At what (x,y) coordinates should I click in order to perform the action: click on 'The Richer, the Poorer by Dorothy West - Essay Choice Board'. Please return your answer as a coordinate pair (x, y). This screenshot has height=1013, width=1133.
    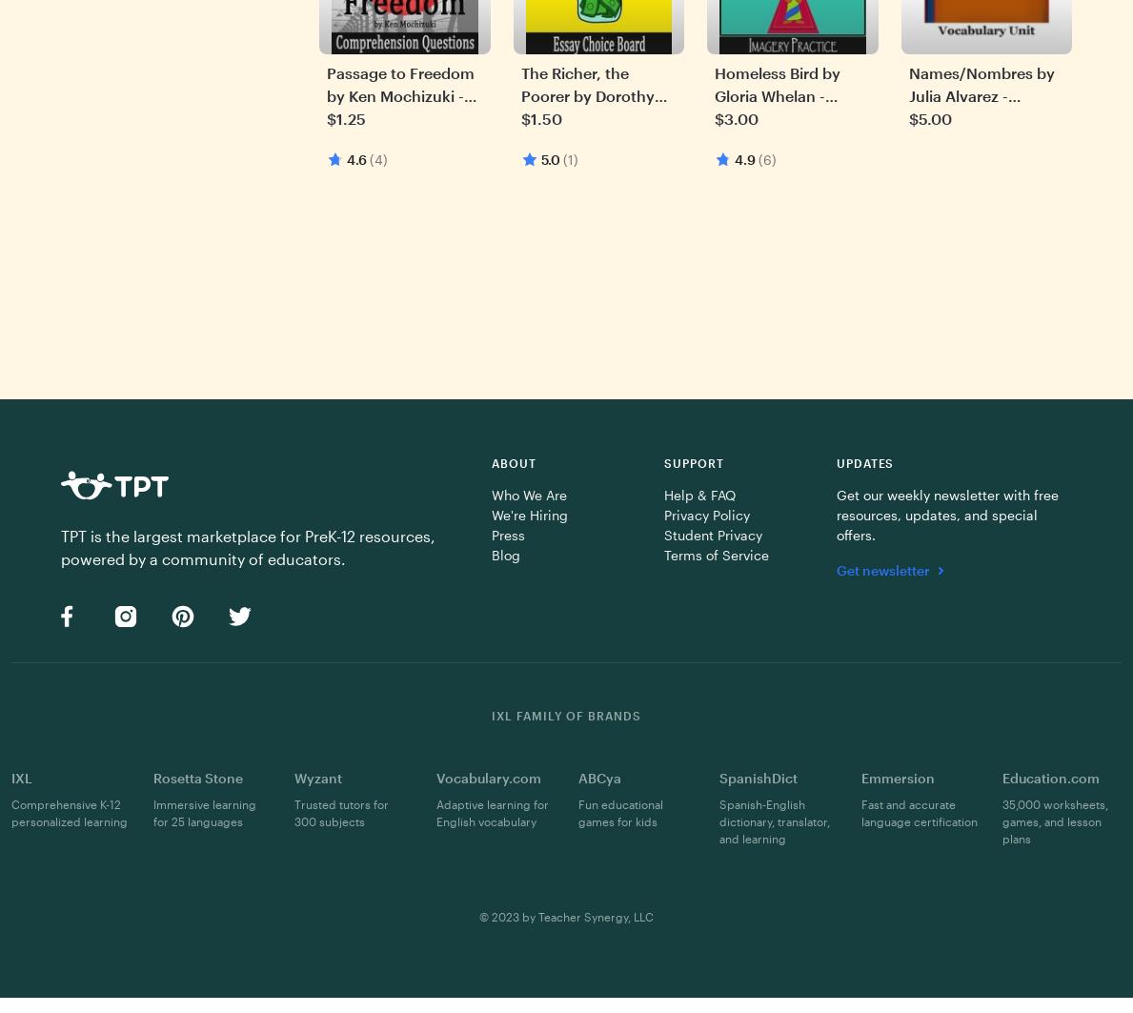
    Looking at the image, I should click on (592, 106).